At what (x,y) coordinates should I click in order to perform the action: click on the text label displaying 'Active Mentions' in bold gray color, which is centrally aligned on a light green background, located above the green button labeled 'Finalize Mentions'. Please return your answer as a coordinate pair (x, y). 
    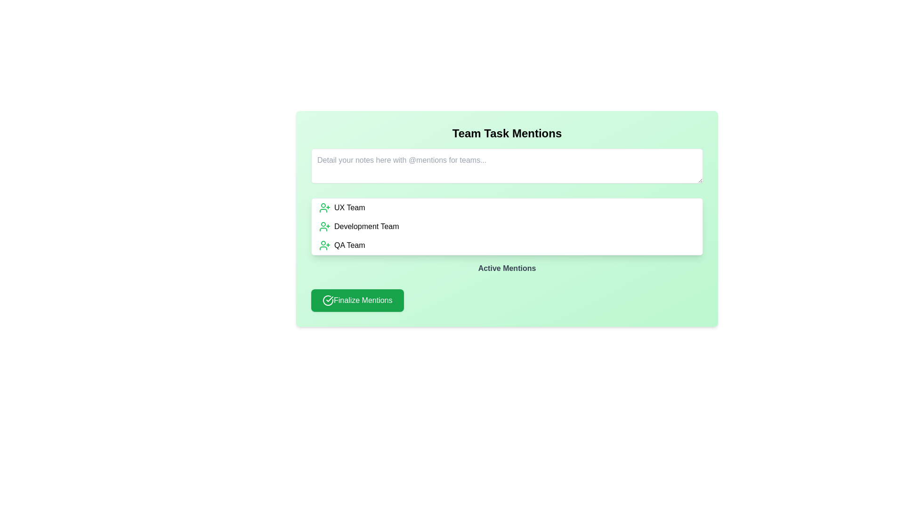
    Looking at the image, I should click on (506, 268).